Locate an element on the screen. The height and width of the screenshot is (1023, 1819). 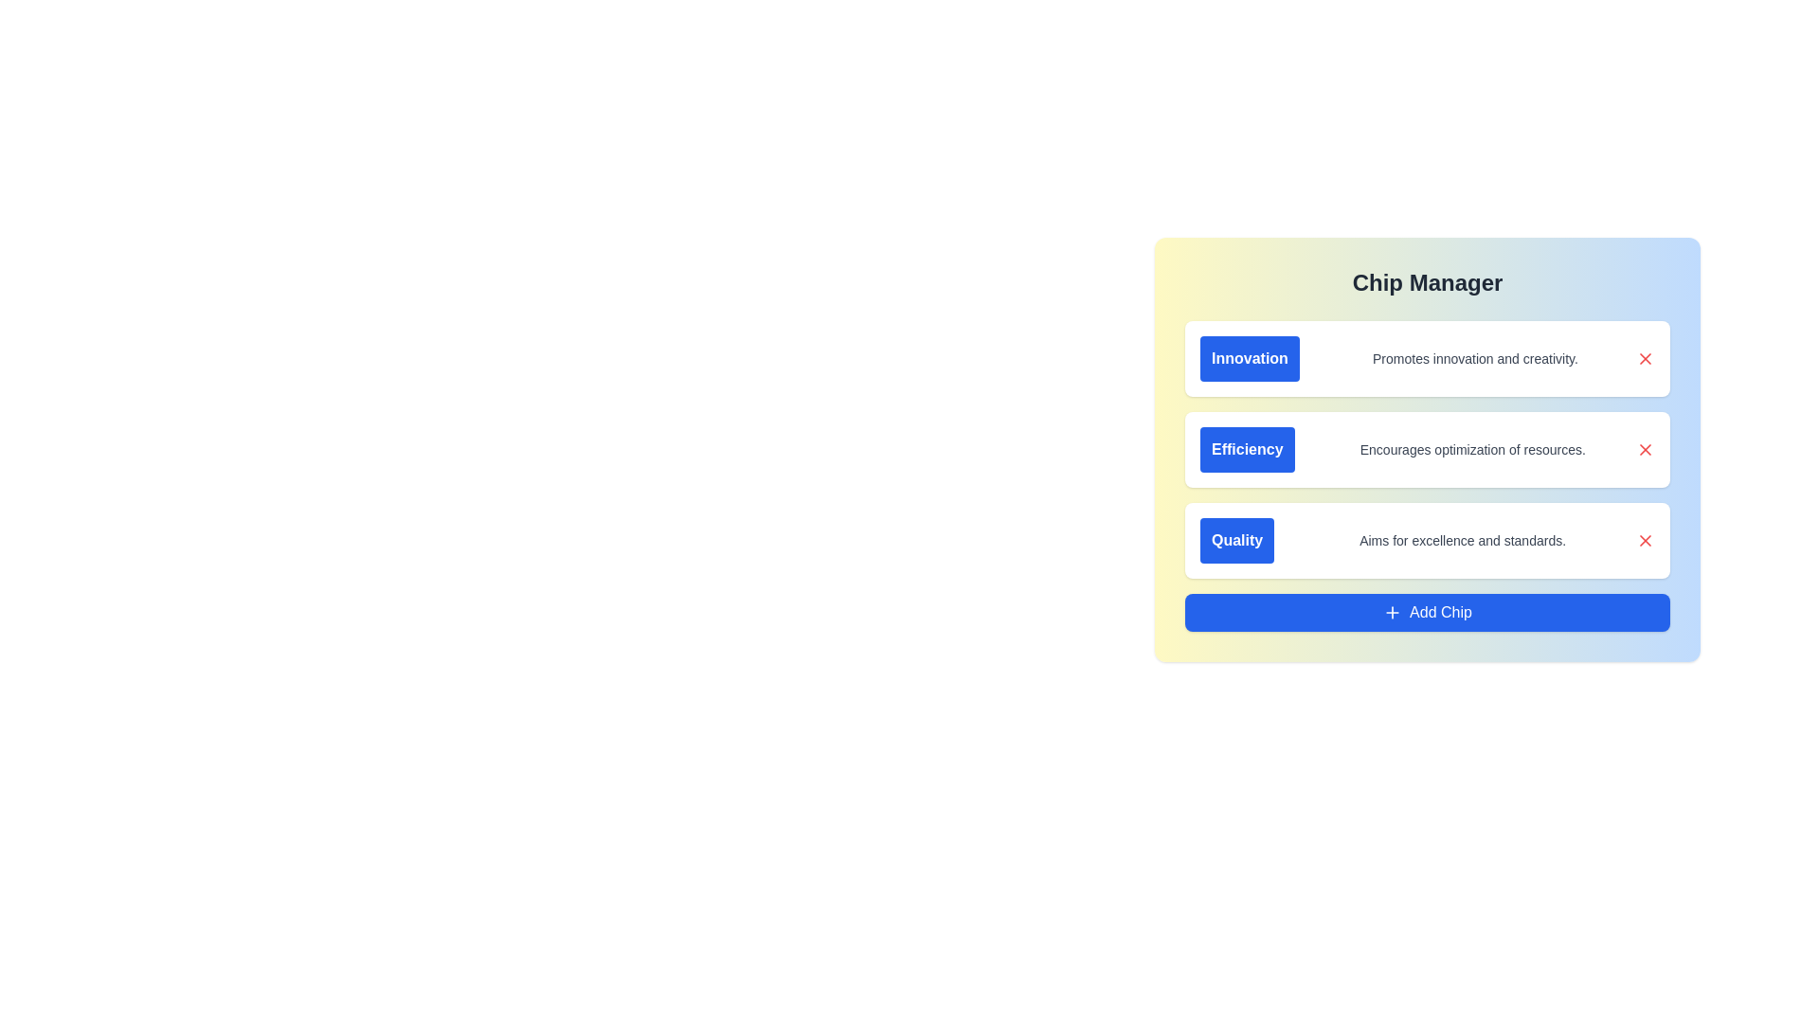
red 'X' button next to the item titled 'Quality' to remove it is located at coordinates (1645, 540).